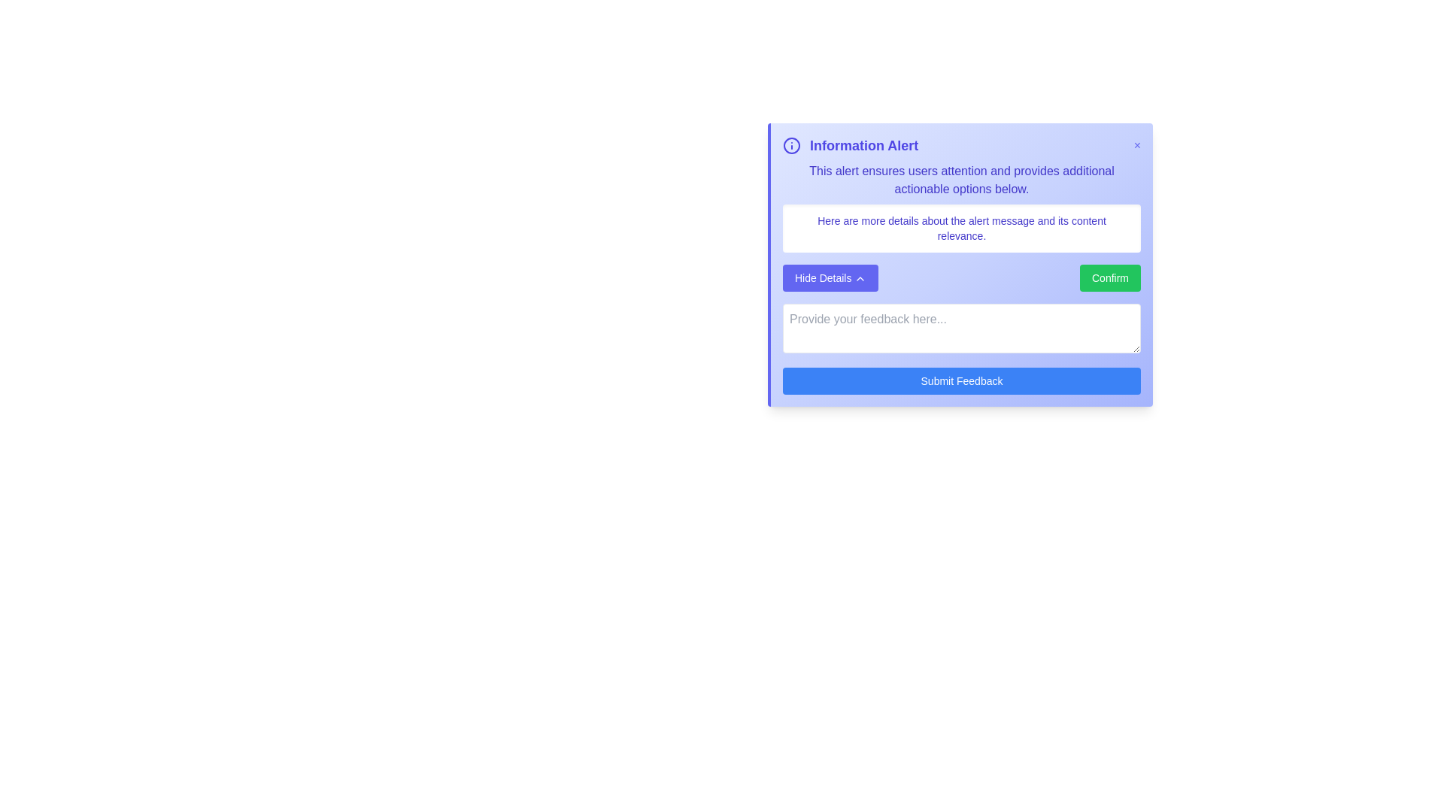 The width and height of the screenshot is (1444, 812). What do you see at coordinates (830, 278) in the screenshot?
I see `the 'Hide Details' button to toggle the visibility of additional details` at bounding box center [830, 278].